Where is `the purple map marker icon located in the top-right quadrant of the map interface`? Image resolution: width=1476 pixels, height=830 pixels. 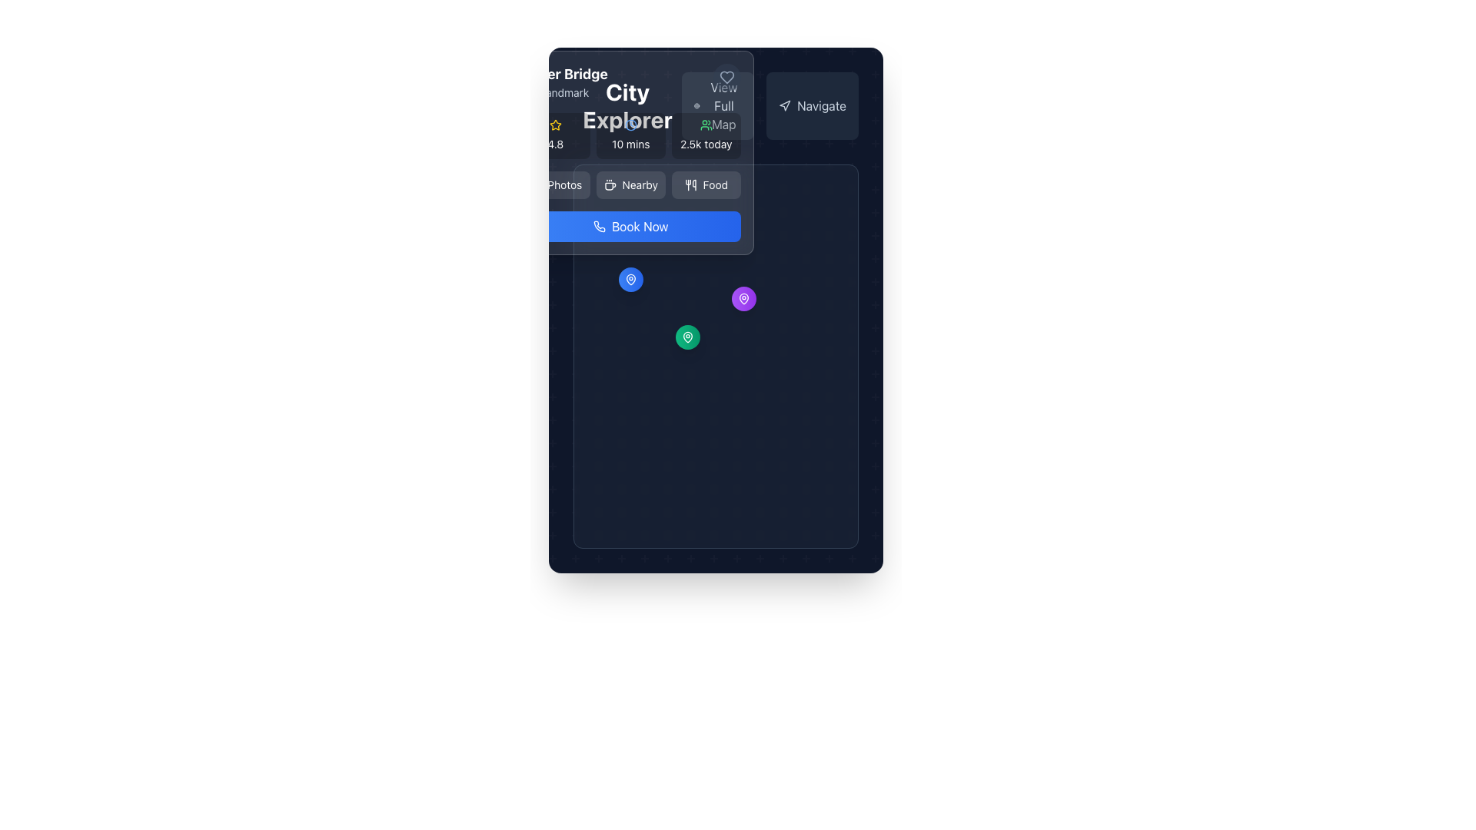 the purple map marker icon located in the top-right quadrant of the map interface is located at coordinates (744, 299).